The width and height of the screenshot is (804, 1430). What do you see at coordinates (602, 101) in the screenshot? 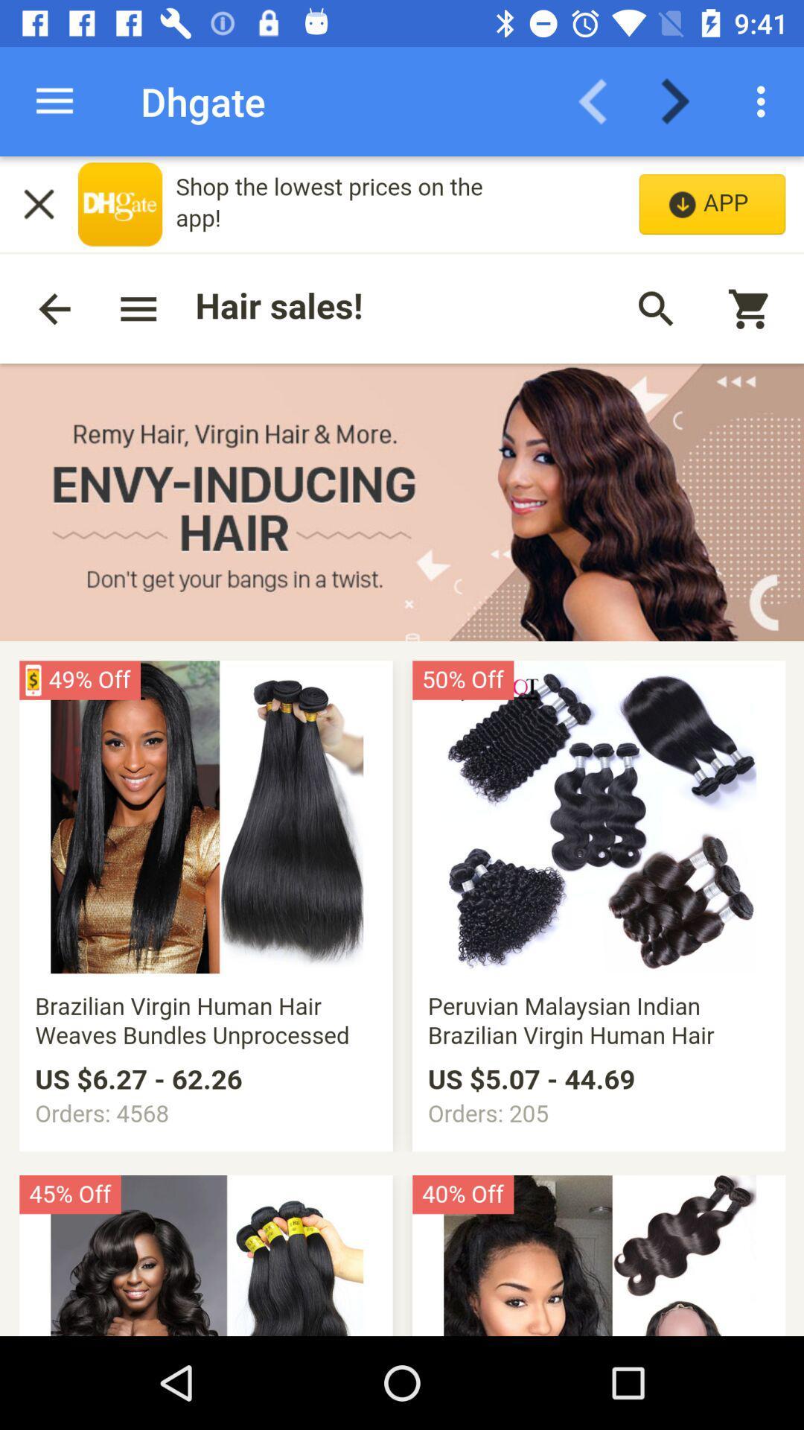
I see `previous` at bounding box center [602, 101].